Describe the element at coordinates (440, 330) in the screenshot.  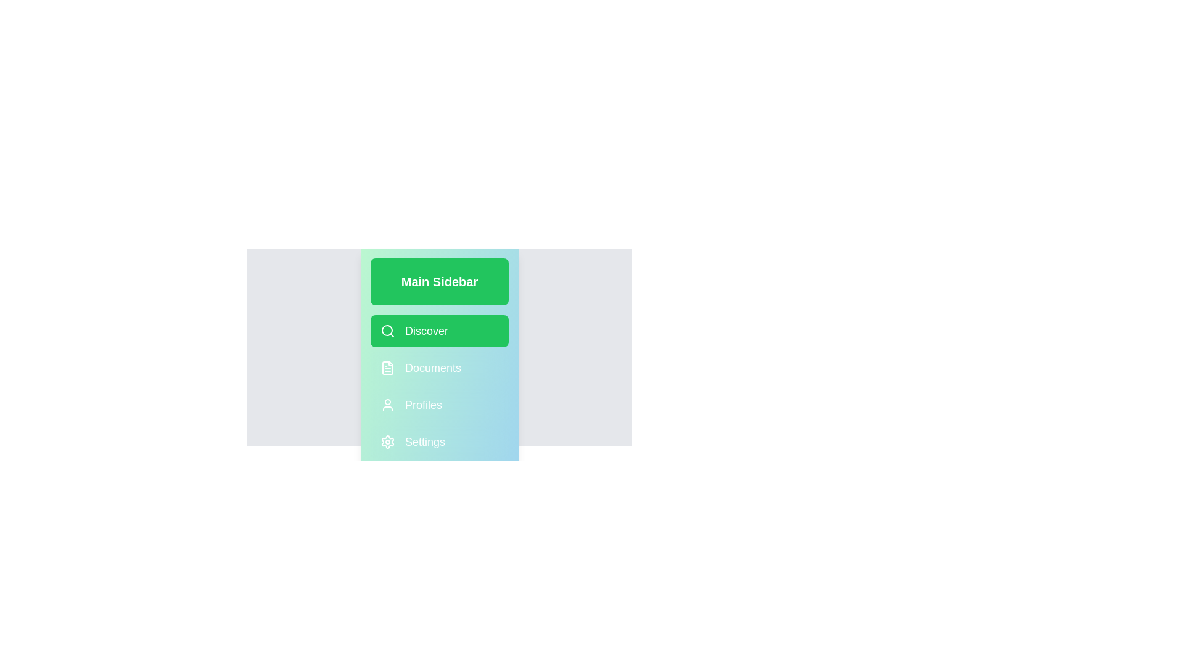
I see `the green rectangular button labeled 'Discover' with a magnifying glass icon on the left, located directly below the 'Main Sidebar' title in the sidebar` at that location.